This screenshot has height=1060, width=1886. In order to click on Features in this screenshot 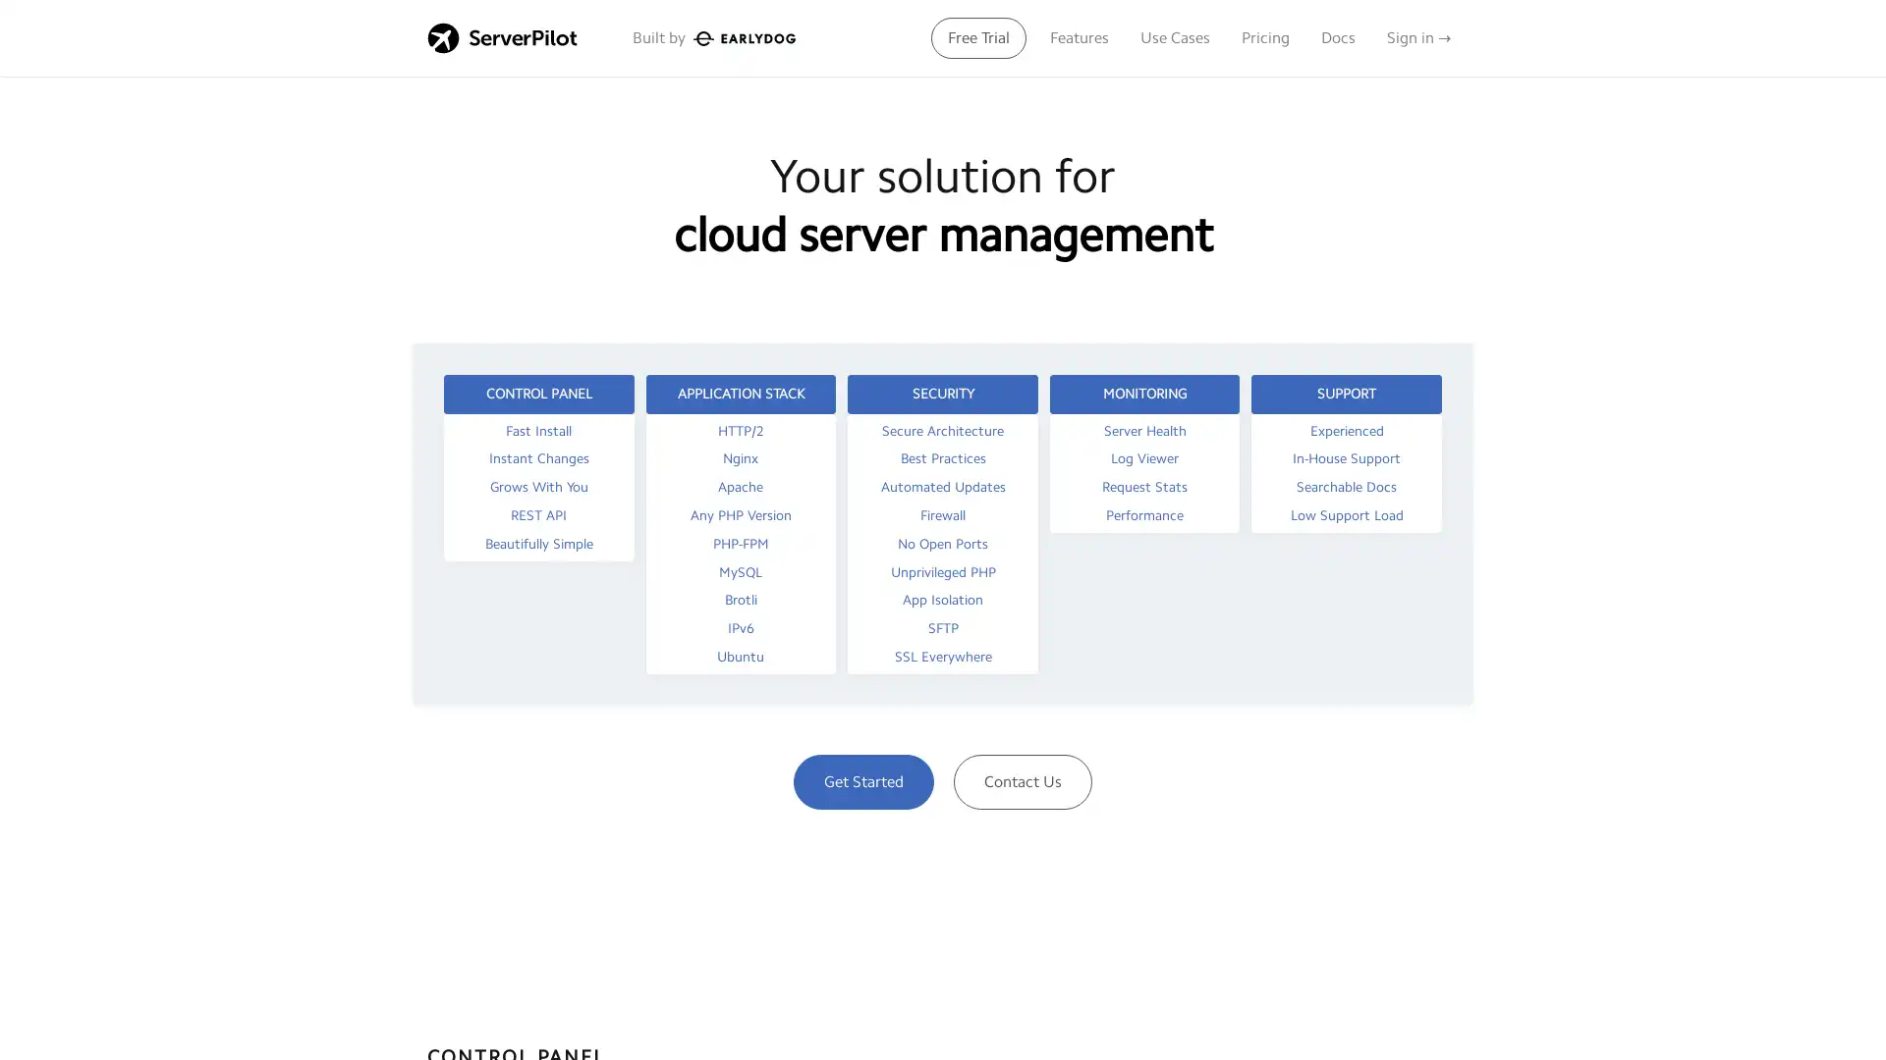, I will do `click(1079, 37)`.